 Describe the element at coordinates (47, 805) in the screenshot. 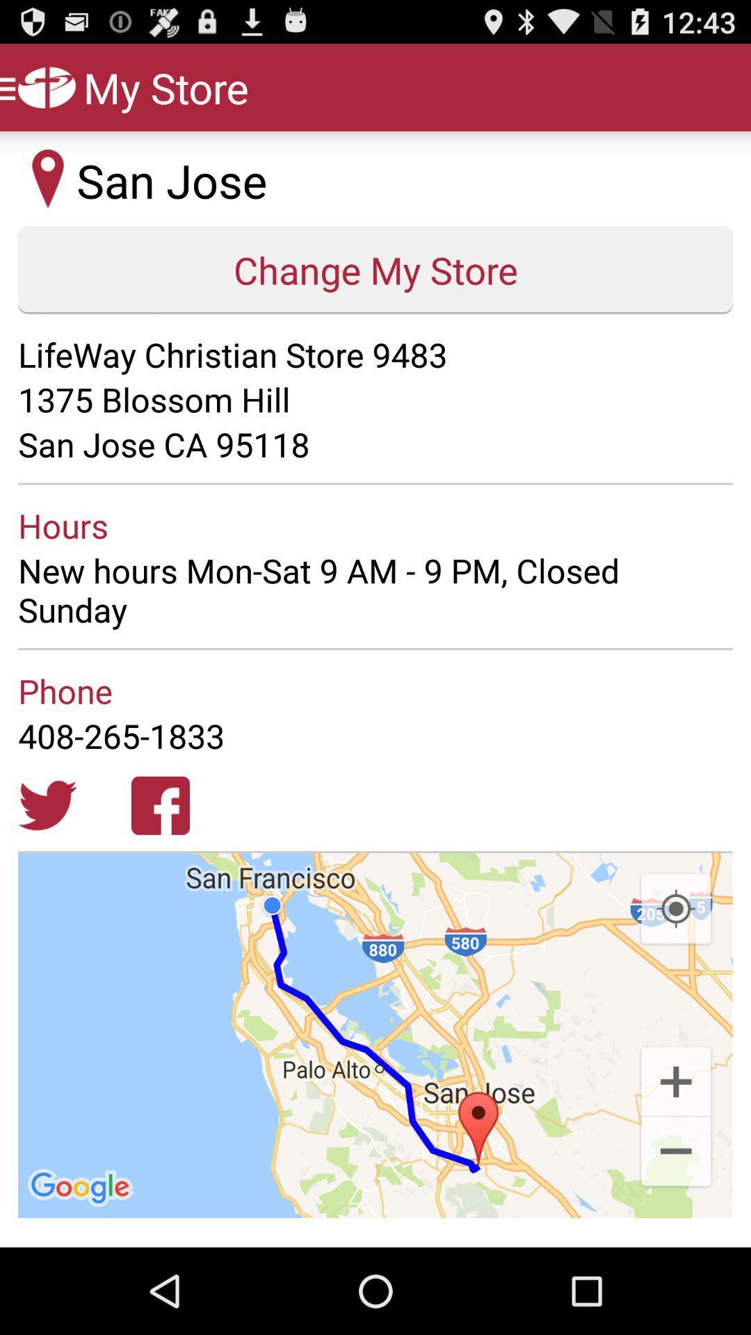

I see `click for twitter` at that location.